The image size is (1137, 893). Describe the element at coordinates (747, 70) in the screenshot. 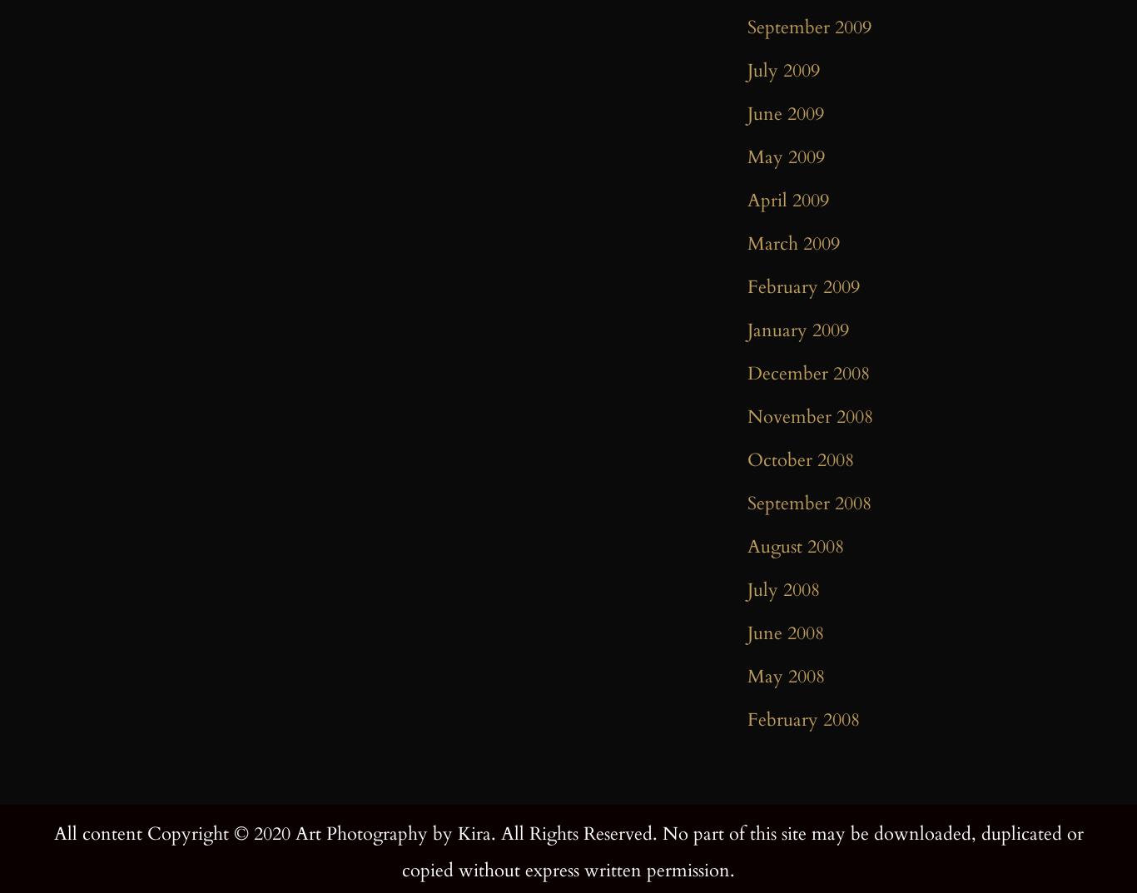

I see `'July 2009'` at that location.